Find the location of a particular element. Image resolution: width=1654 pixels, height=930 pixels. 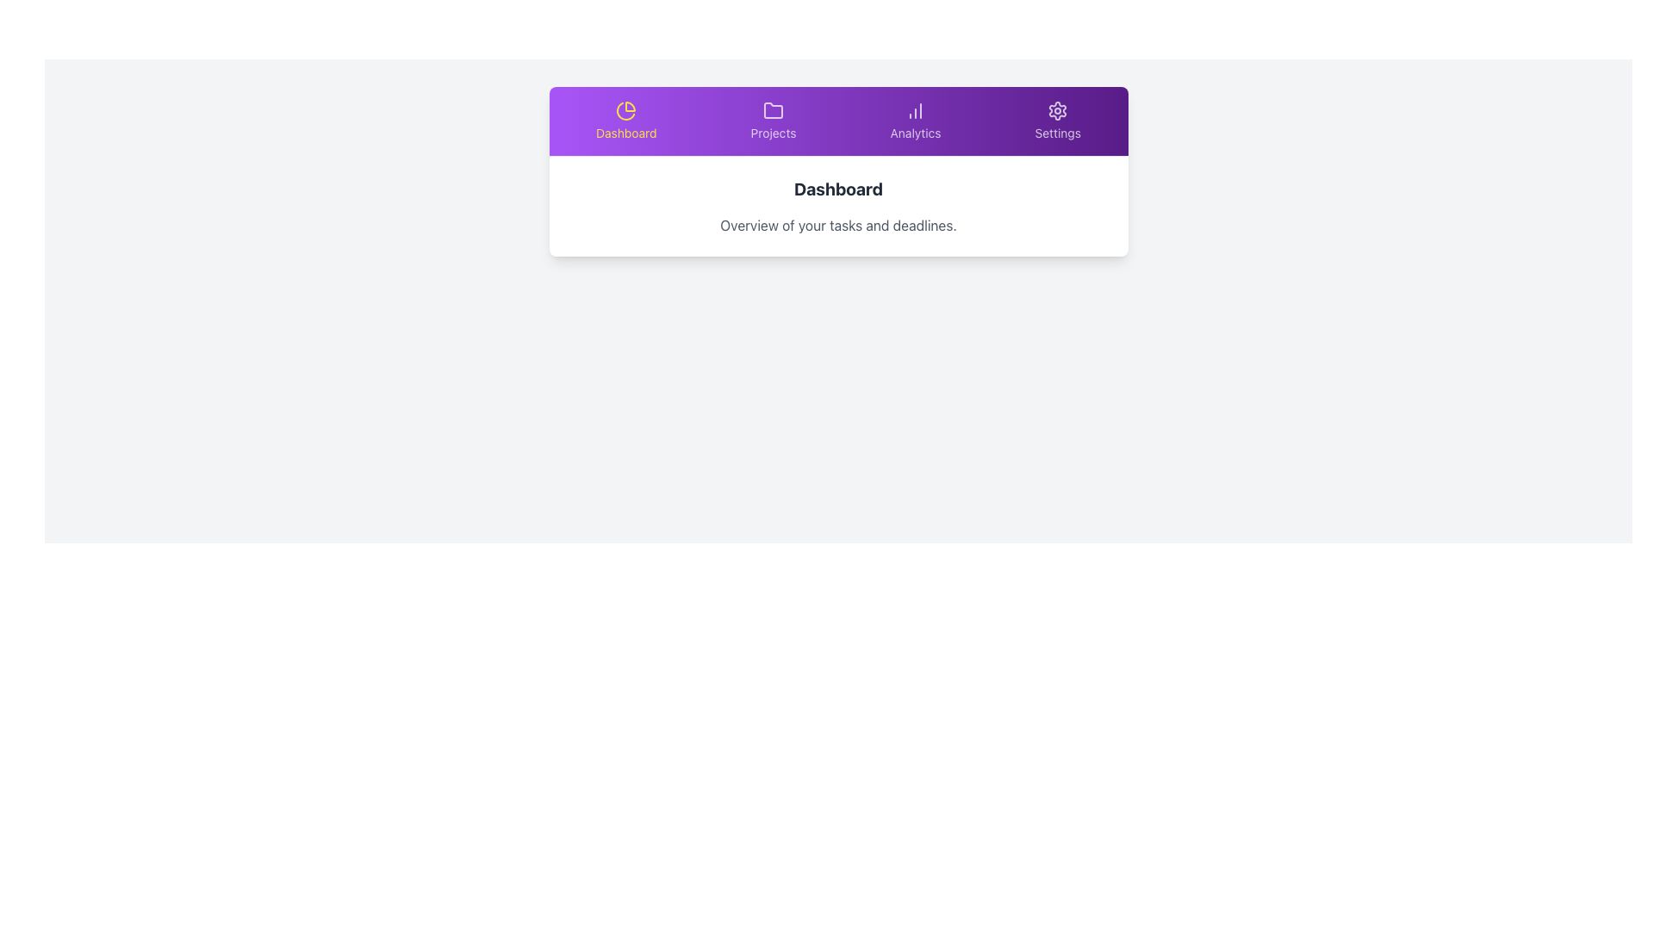

the outlined folder icon located in the second section of the navigation bar, directly above the text 'Projects' is located at coordinates (772, 110).